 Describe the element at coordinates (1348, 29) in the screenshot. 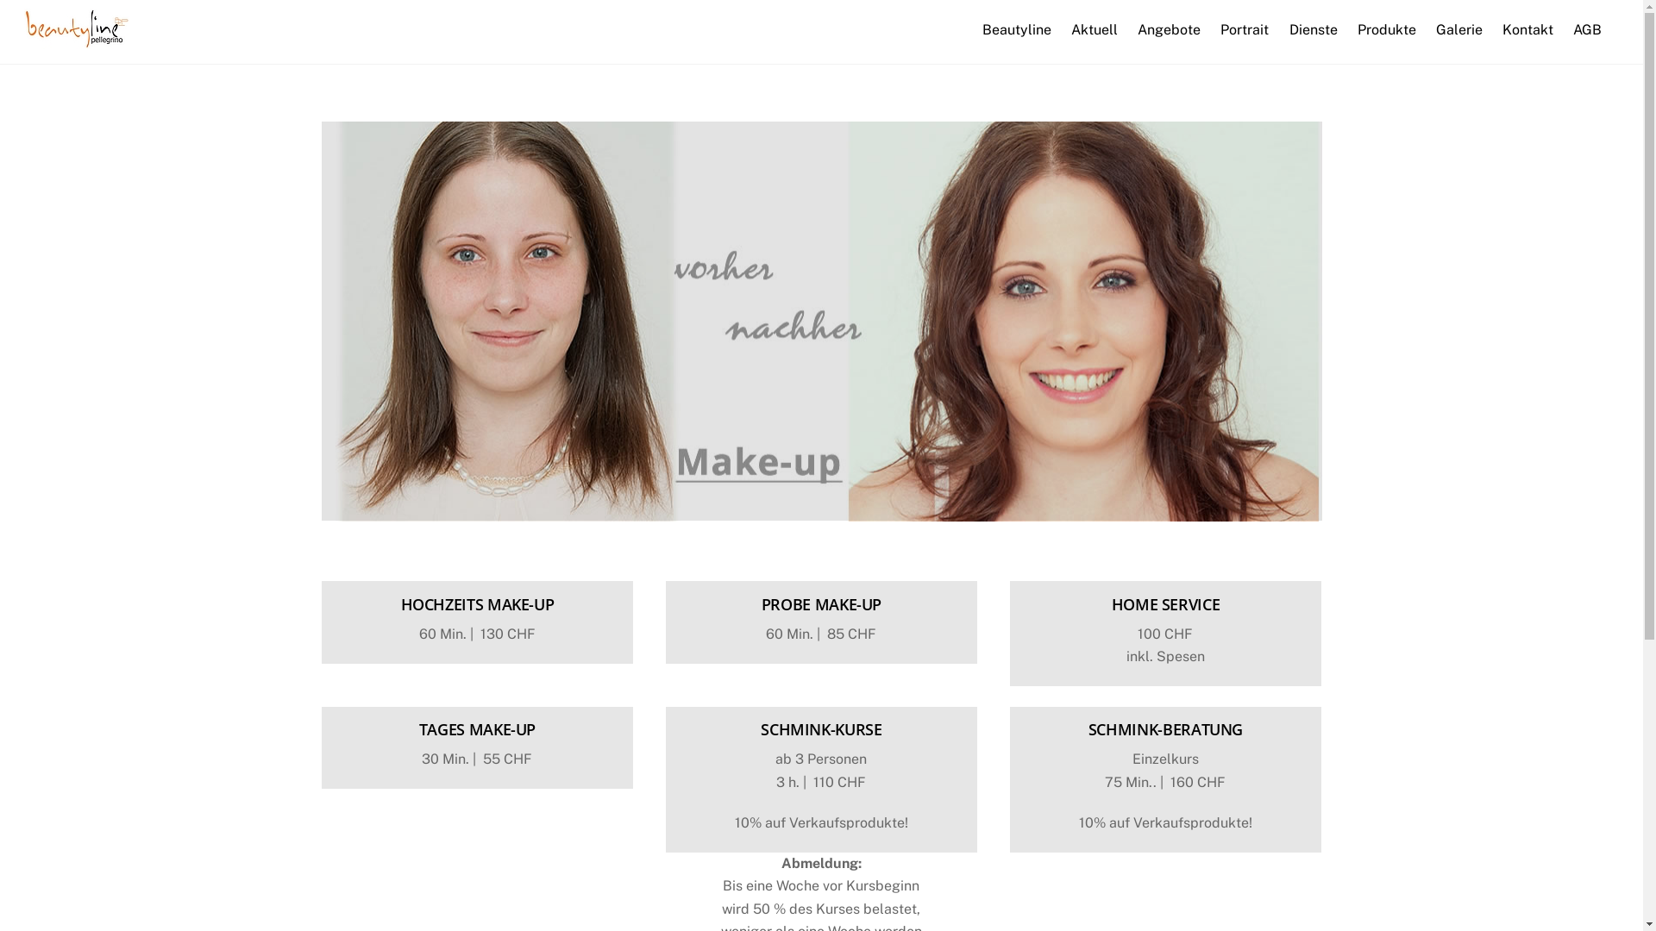

I see `'Produkte'` at that location.